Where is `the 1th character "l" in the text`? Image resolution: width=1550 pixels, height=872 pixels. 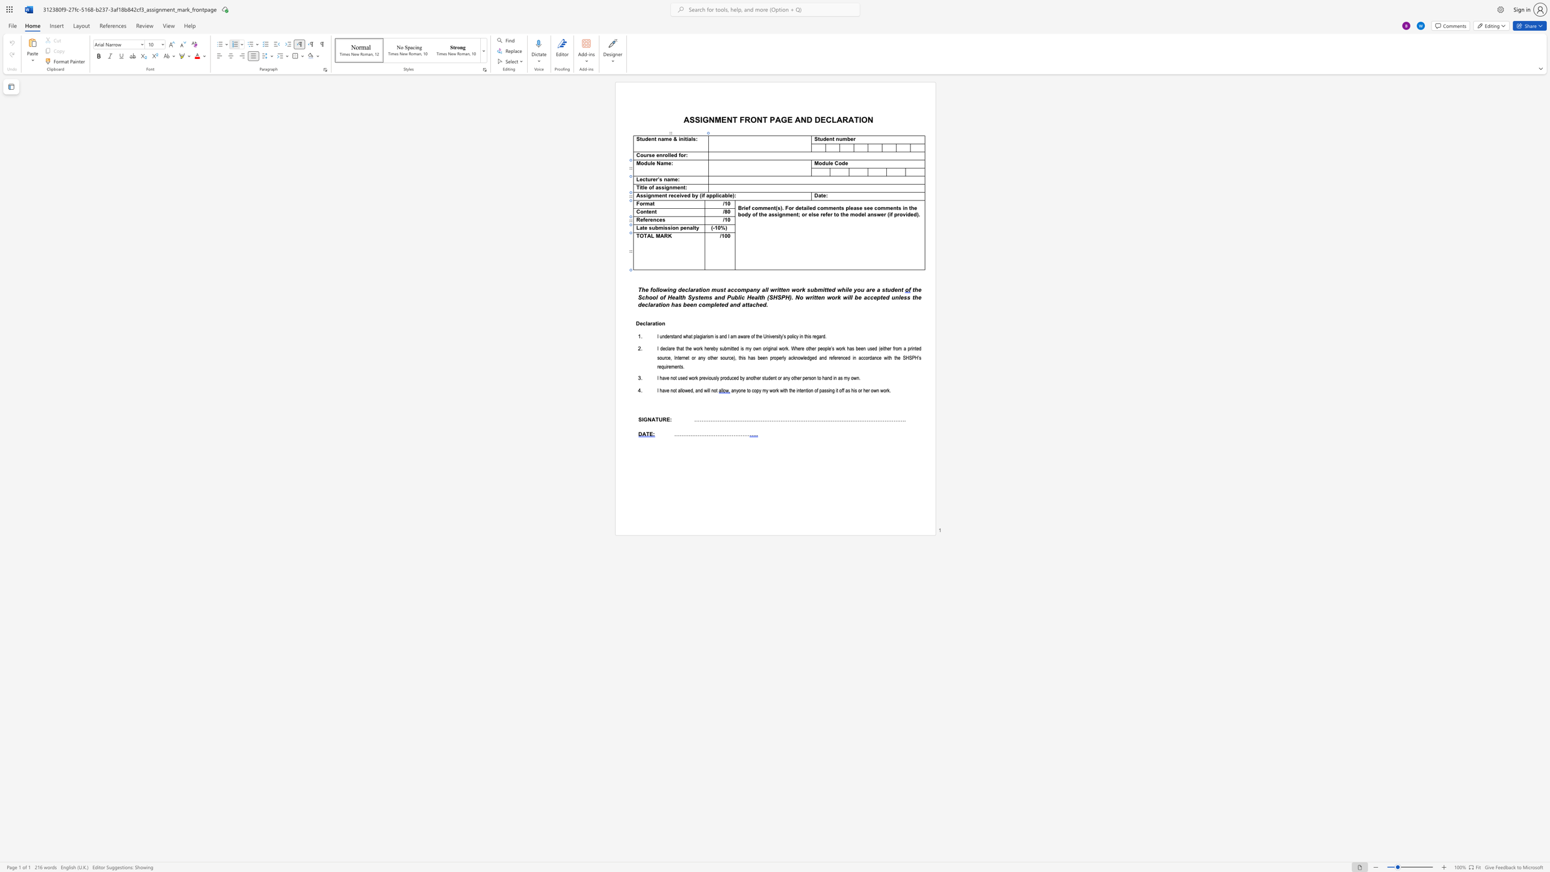
the 1th character "l" in the text is located at coordinates (656, 297).